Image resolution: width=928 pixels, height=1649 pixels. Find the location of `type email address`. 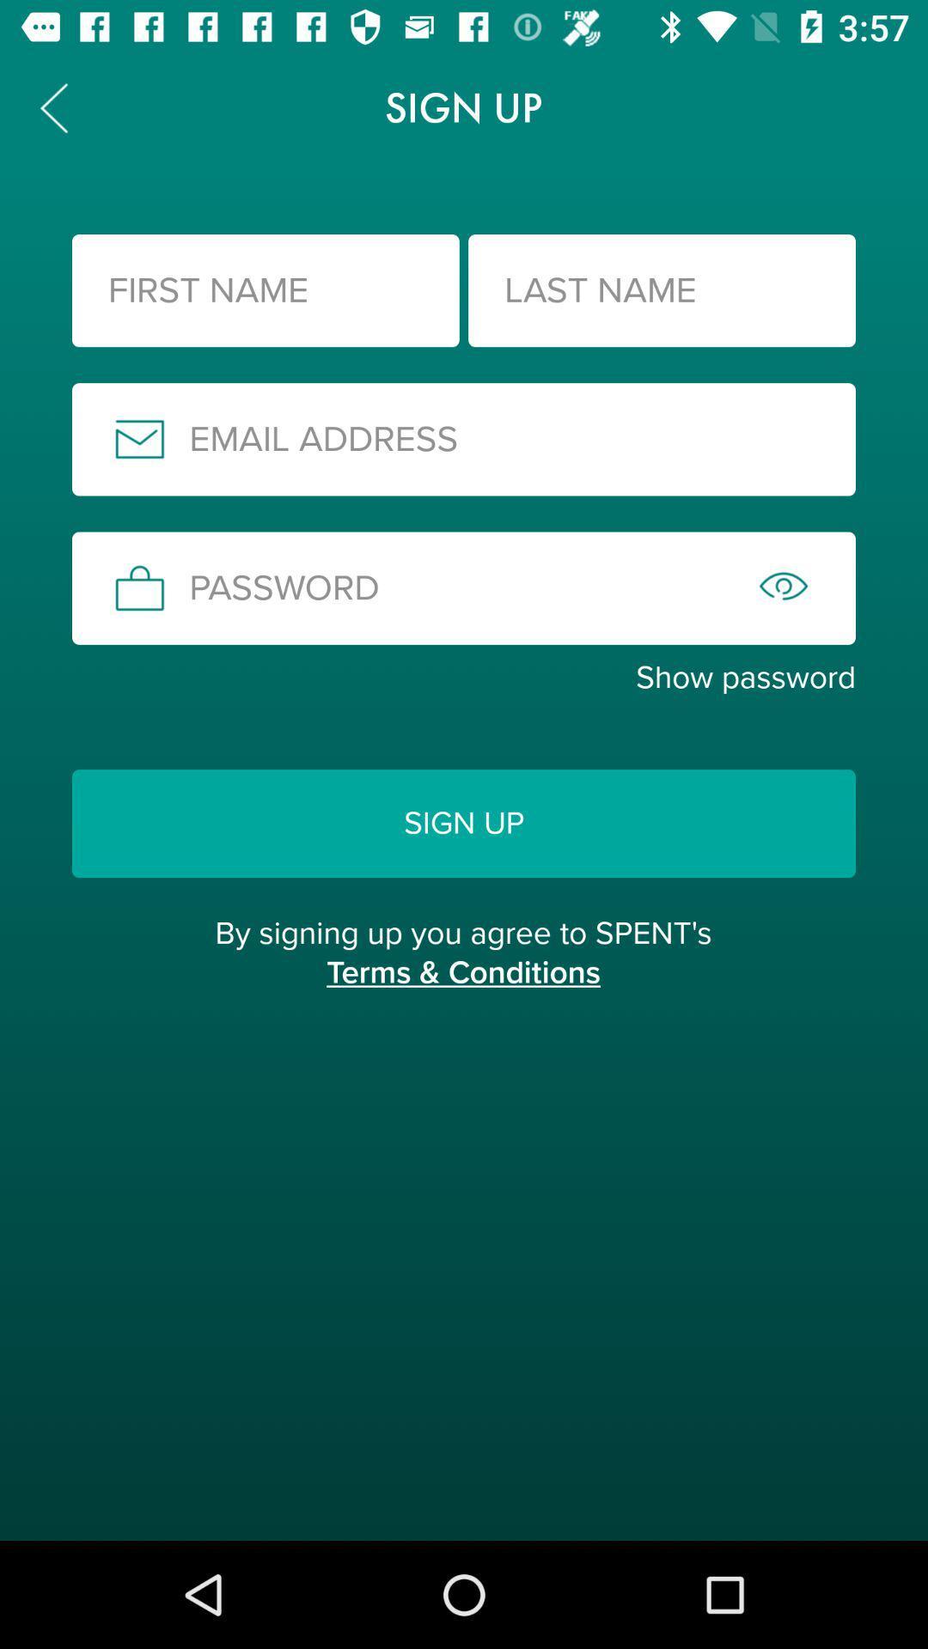

type email address is located at coordinates (464, 439).